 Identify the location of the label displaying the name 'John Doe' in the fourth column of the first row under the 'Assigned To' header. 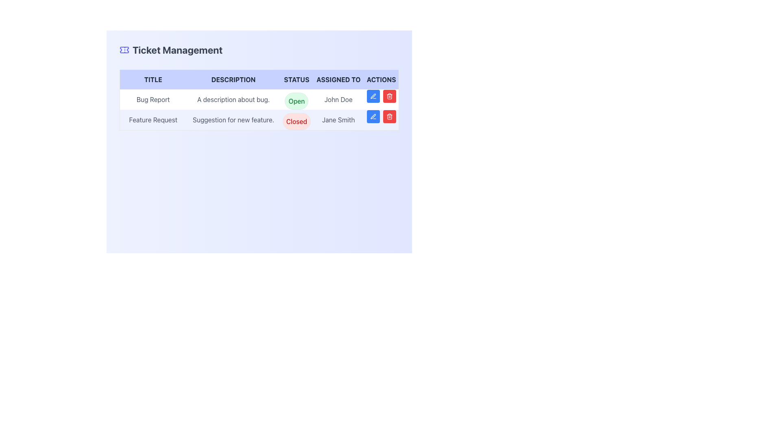
(338, 99).